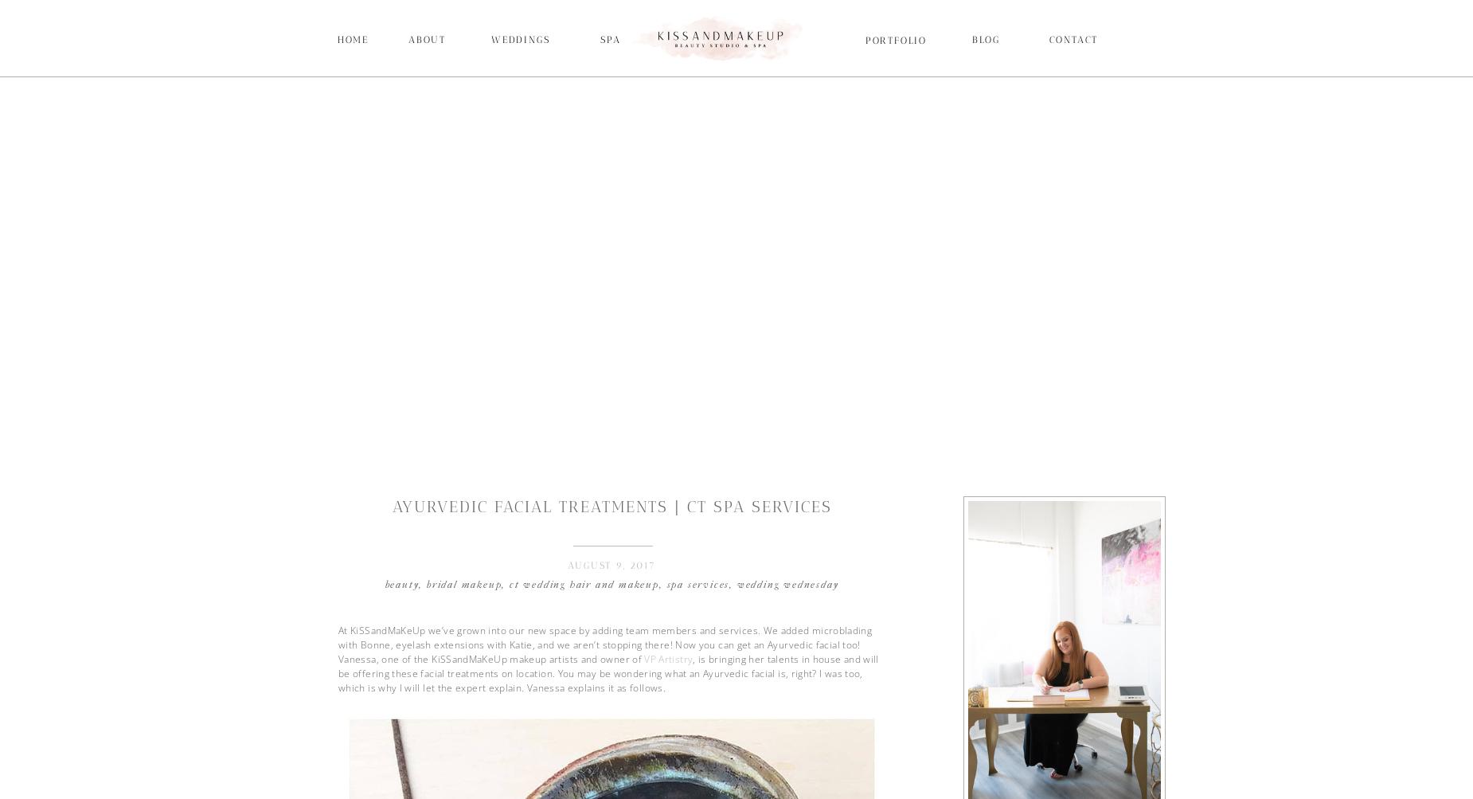 The image size is (1473, 799). What do you see at coordinates (610, 40) in the screenshot?
I see `'SPA'` at bounding box center [610, 40].